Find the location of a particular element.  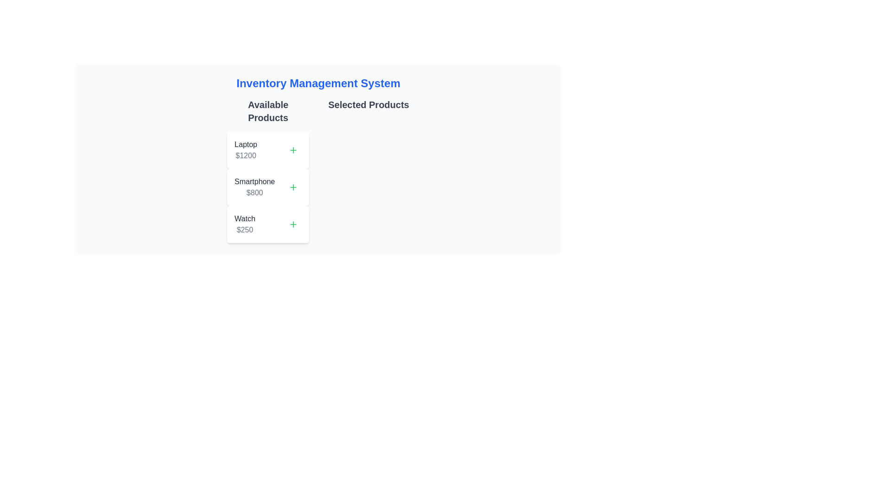

the third plus icon next to the 'Watch $250' product description under the 'Available Products' heading is located at coordinates (293, 224).